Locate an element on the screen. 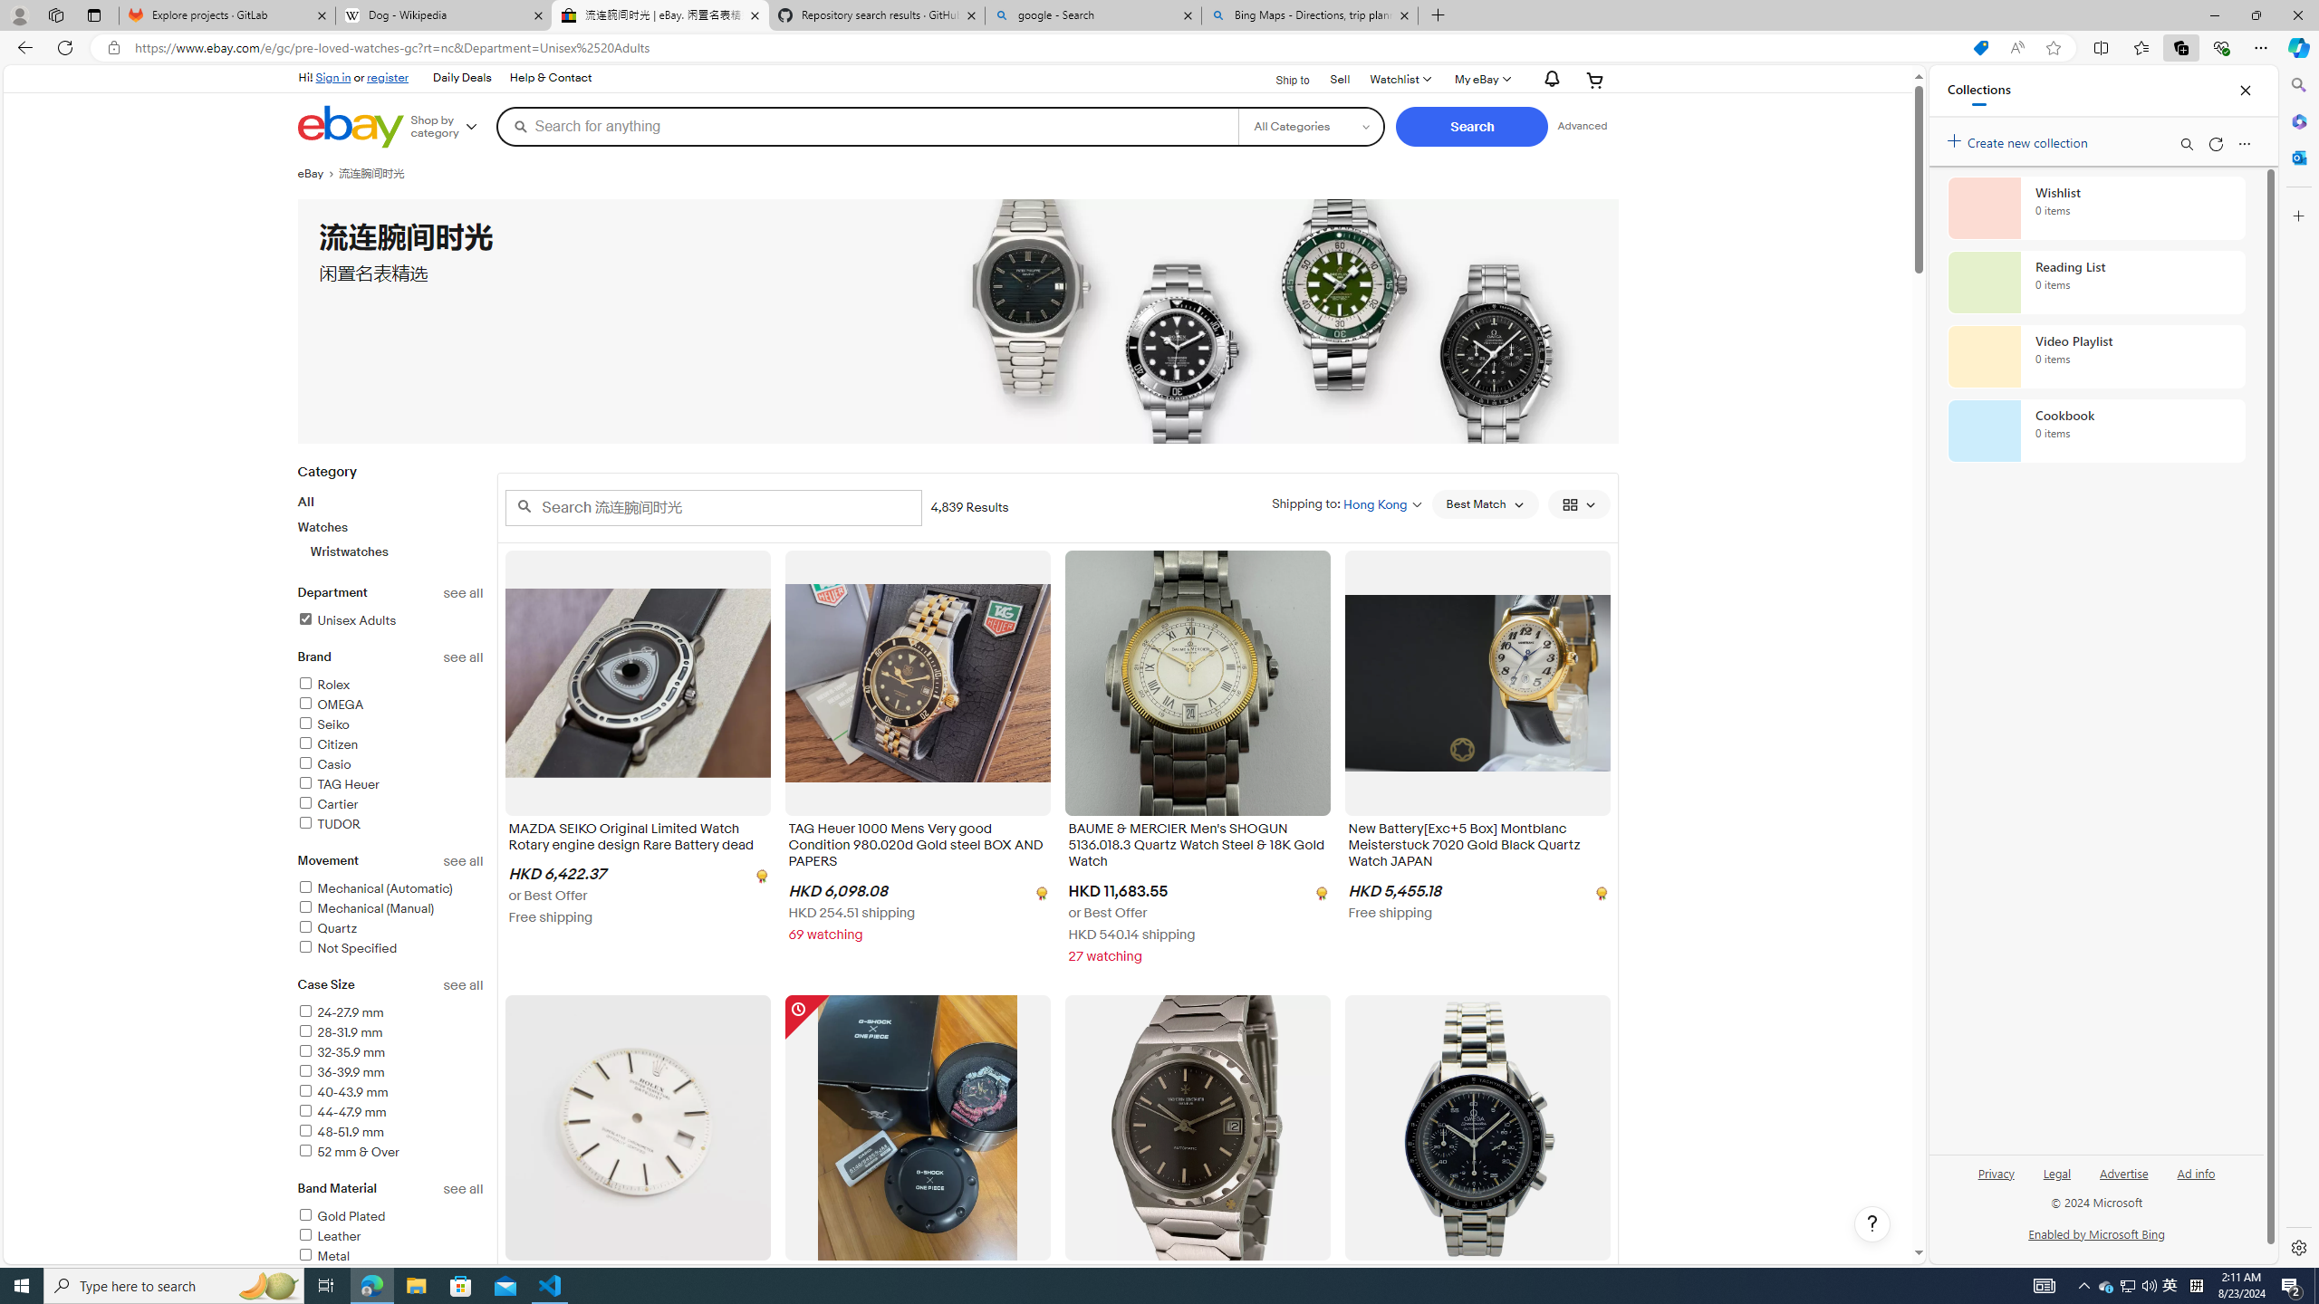 The image size is (2319, 1304). 'Watchlist' is located at coordinates (1399, 79).